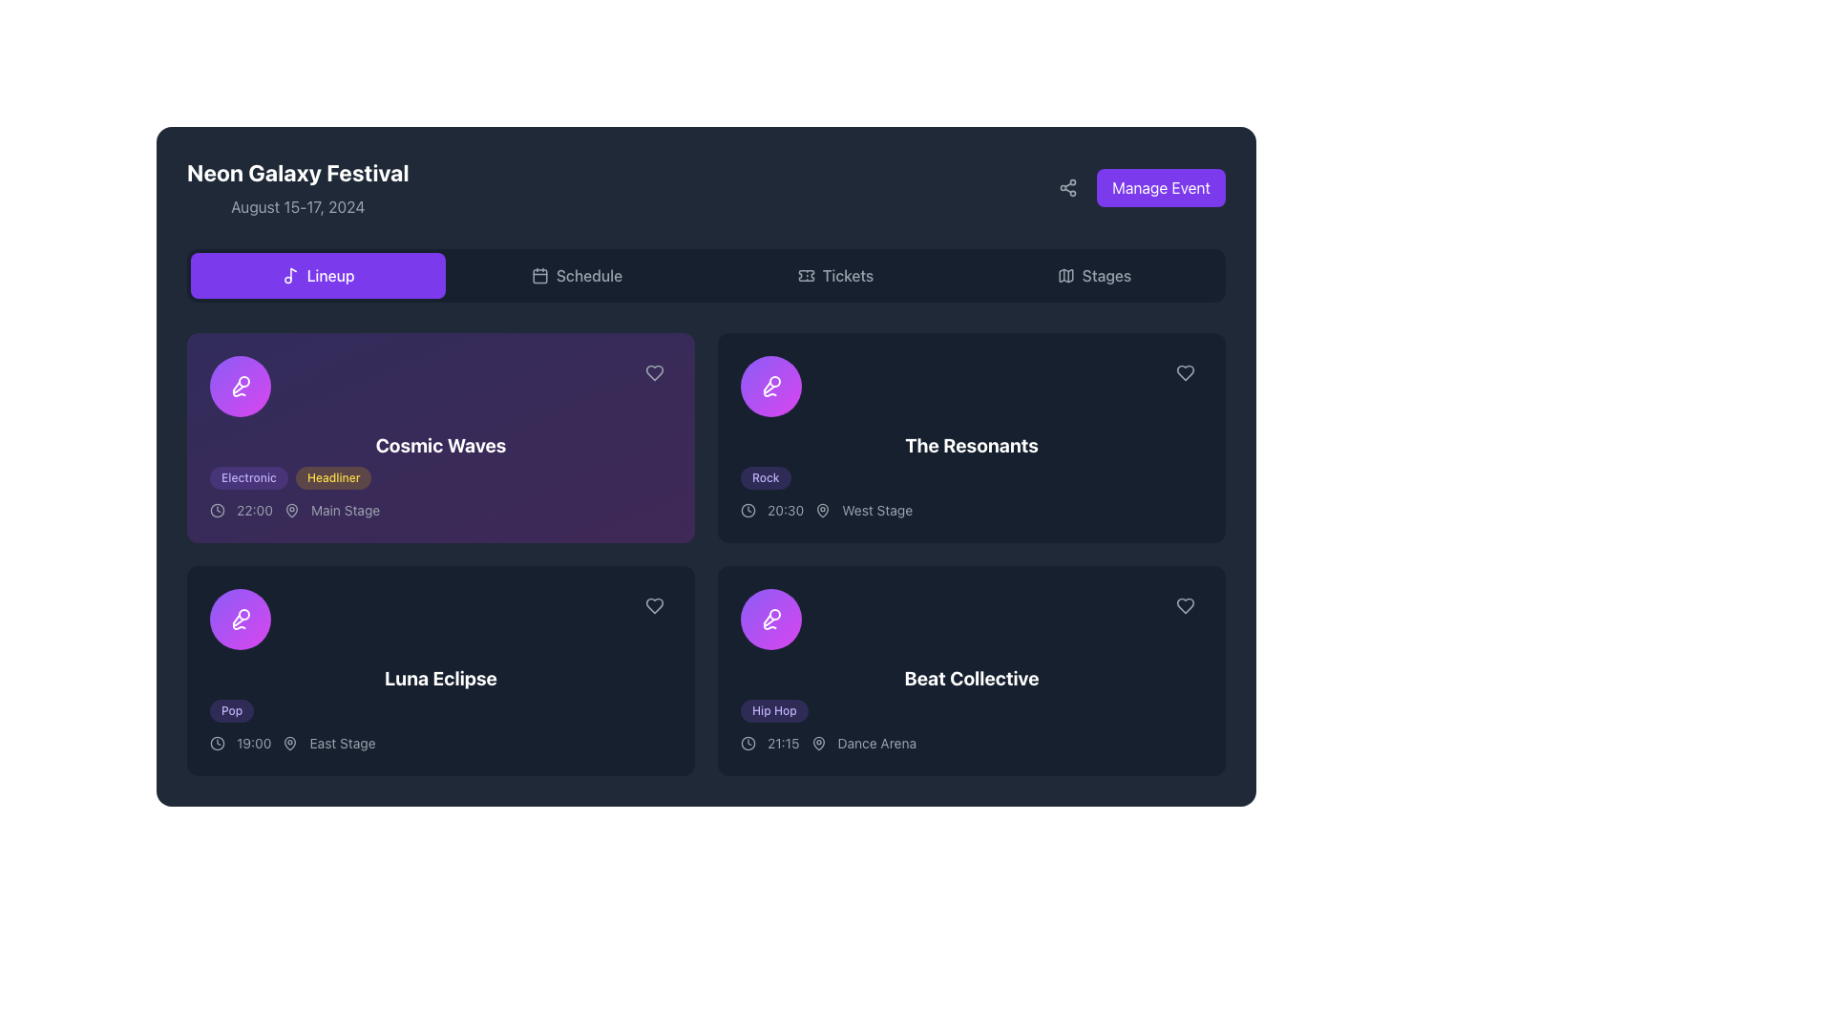  What do you see at coordinates (333, 477) in the screenshot?
I see `the 'Headliner' tag label, which is a rectangular label with light-yellow text against a faint yellow background, positioned next to the 'Electronic' tag under the title 'Cosmic Waves'` at bounding box center [333, 477].